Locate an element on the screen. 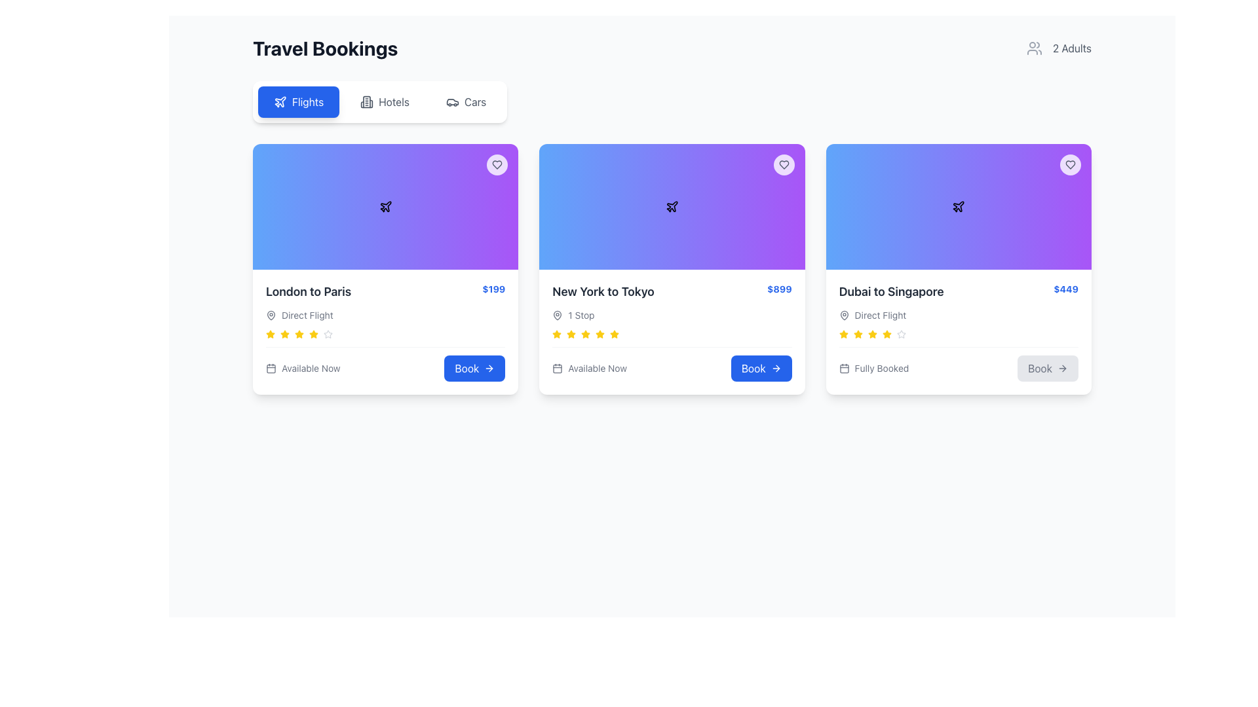 This screenshot has height=707, width=1258. the fifth yellow star icon in the ratings bar for 'New York to Tokyo', located below '1 Stop' and above 'Available Now' is located at coordinates (585, 333).